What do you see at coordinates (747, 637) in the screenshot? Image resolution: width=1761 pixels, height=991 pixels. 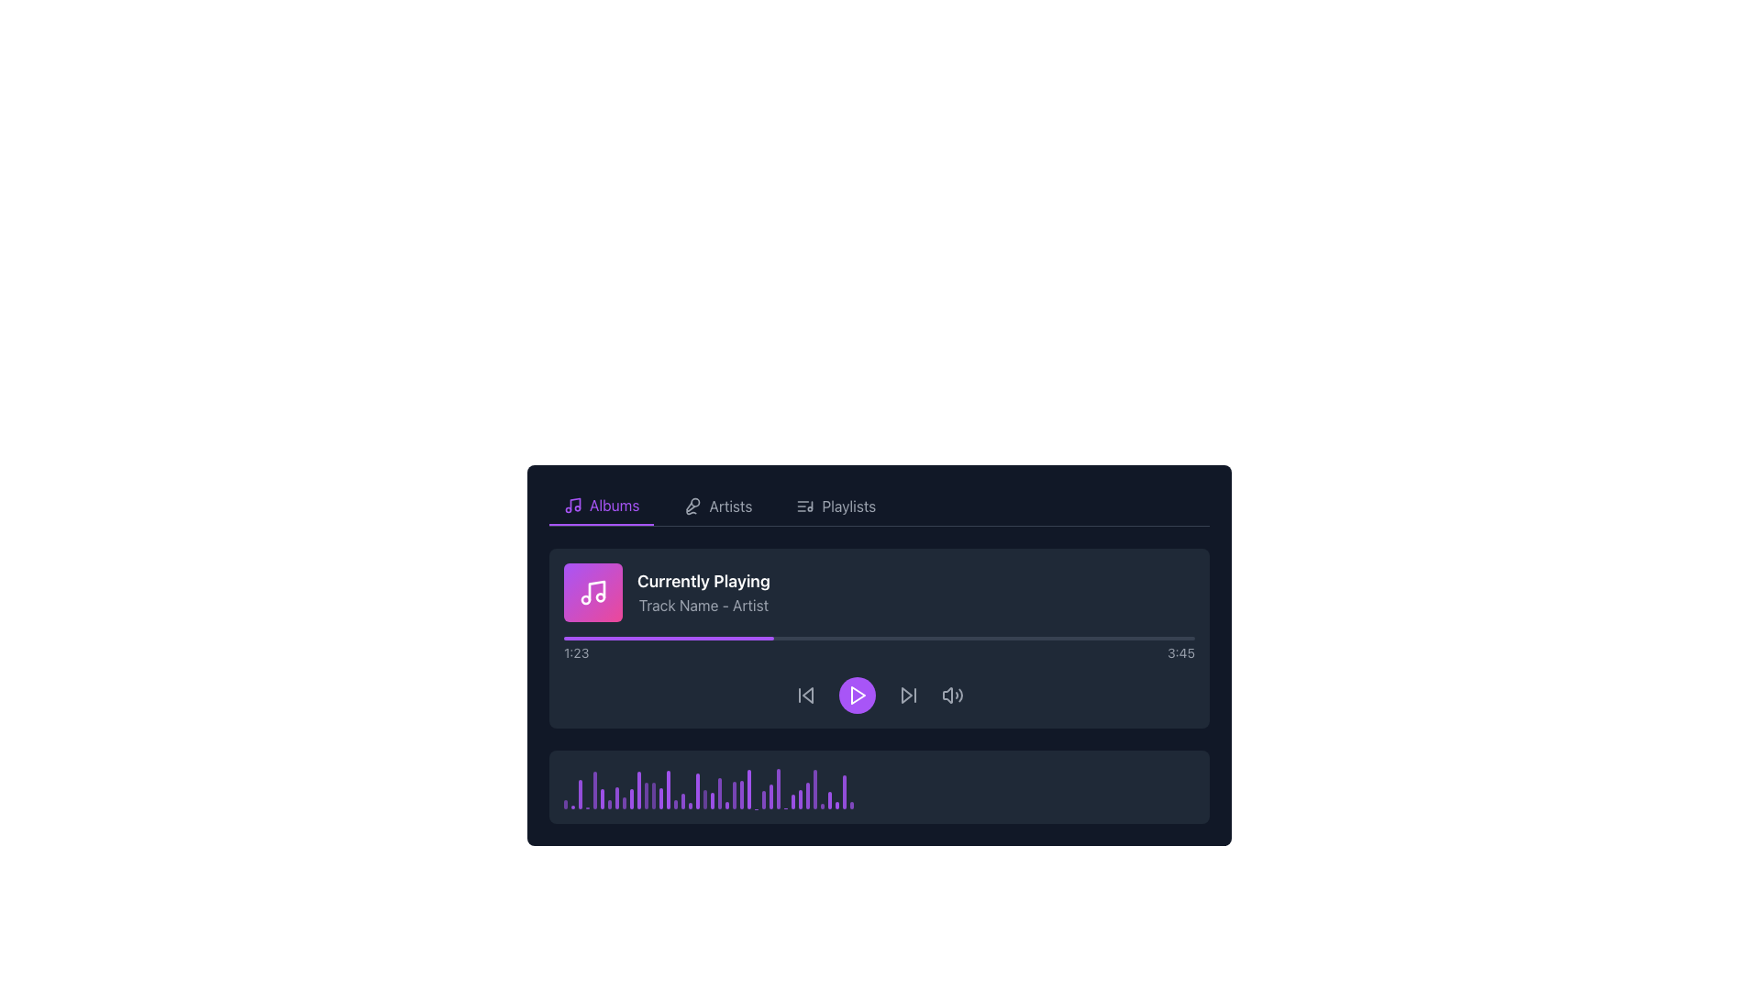 I see `playback progress` at bounding box center [747, 637].